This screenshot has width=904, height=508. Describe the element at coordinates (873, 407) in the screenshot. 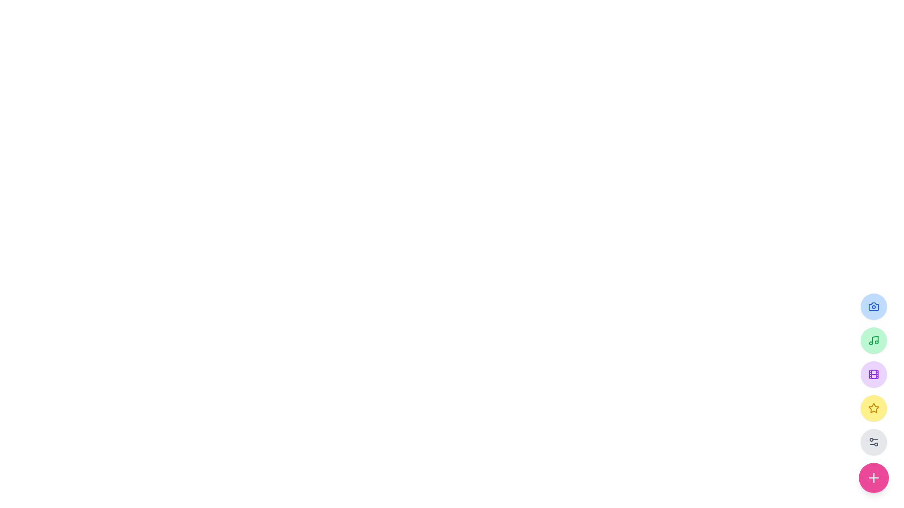

I see `the star-shaped icon with a yellow outer line within the fourth button of the right-aligned vertical toolbar` at that location.